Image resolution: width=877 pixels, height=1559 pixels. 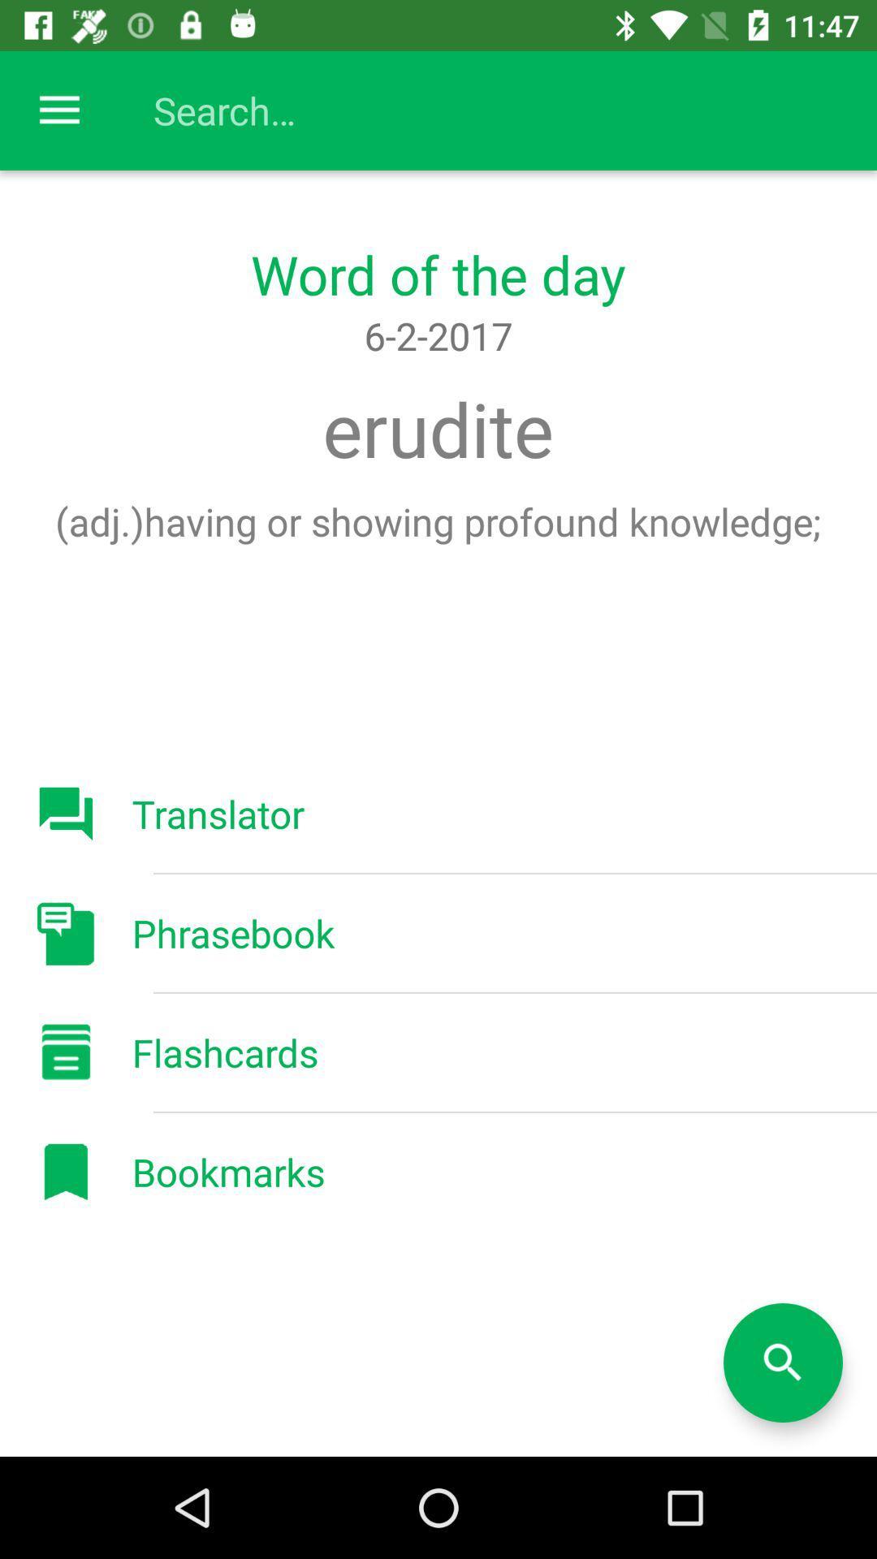 What do you see at coordinates (217, 814) in the screenshot?
I see `the translator` at bounding box center [217, 814].